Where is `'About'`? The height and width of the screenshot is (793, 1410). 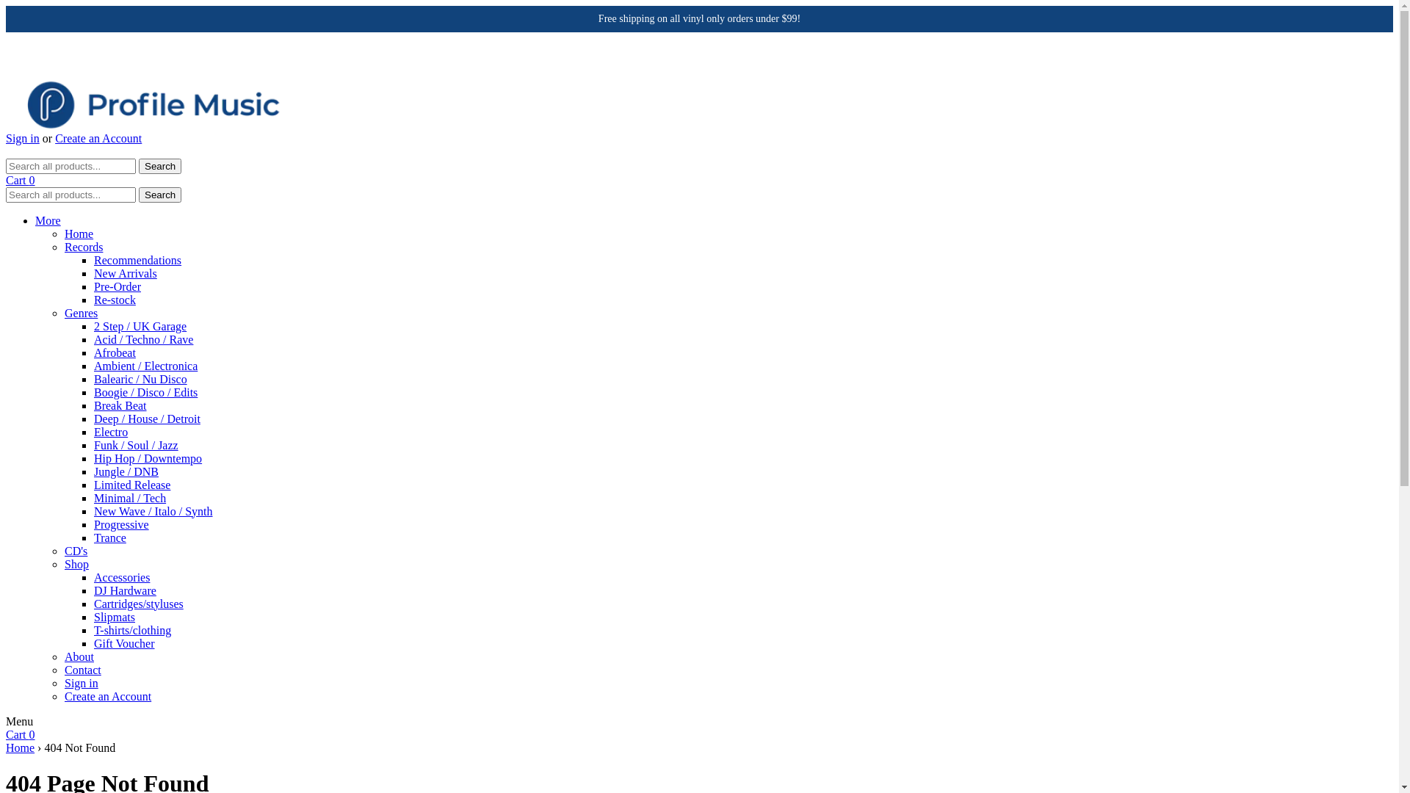
'About' is located at coordinates (78, 656).